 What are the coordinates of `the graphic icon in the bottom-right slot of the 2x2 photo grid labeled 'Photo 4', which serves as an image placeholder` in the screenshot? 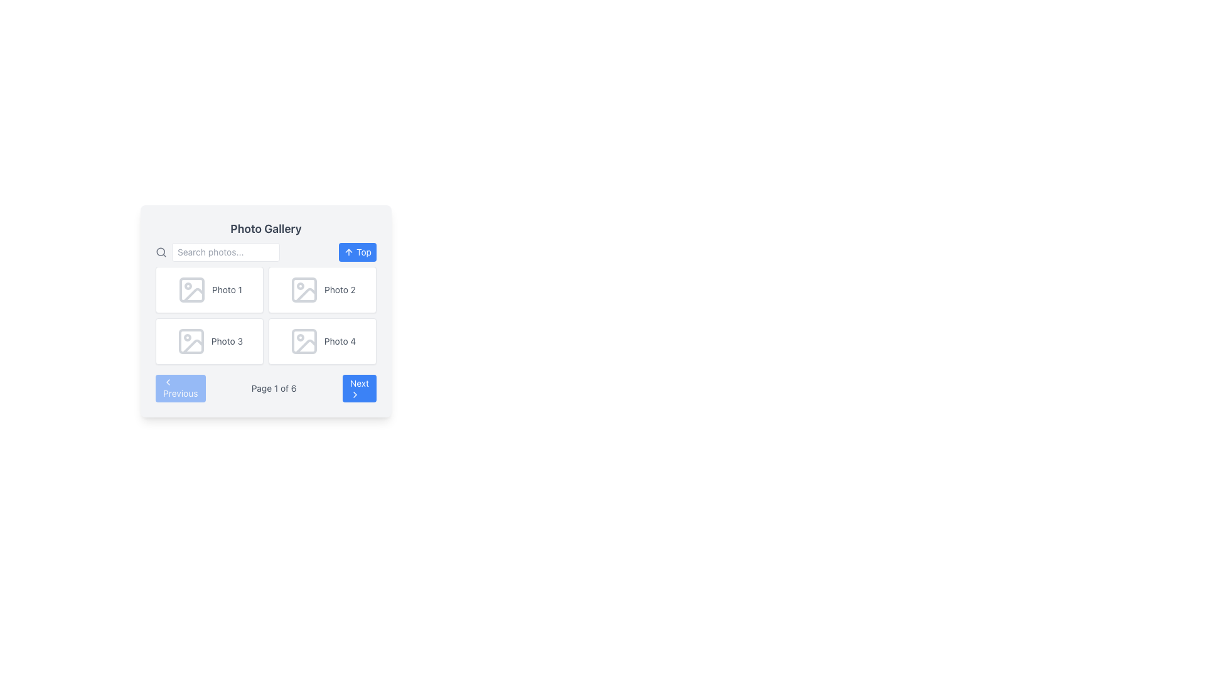 It's located at (304, 341).